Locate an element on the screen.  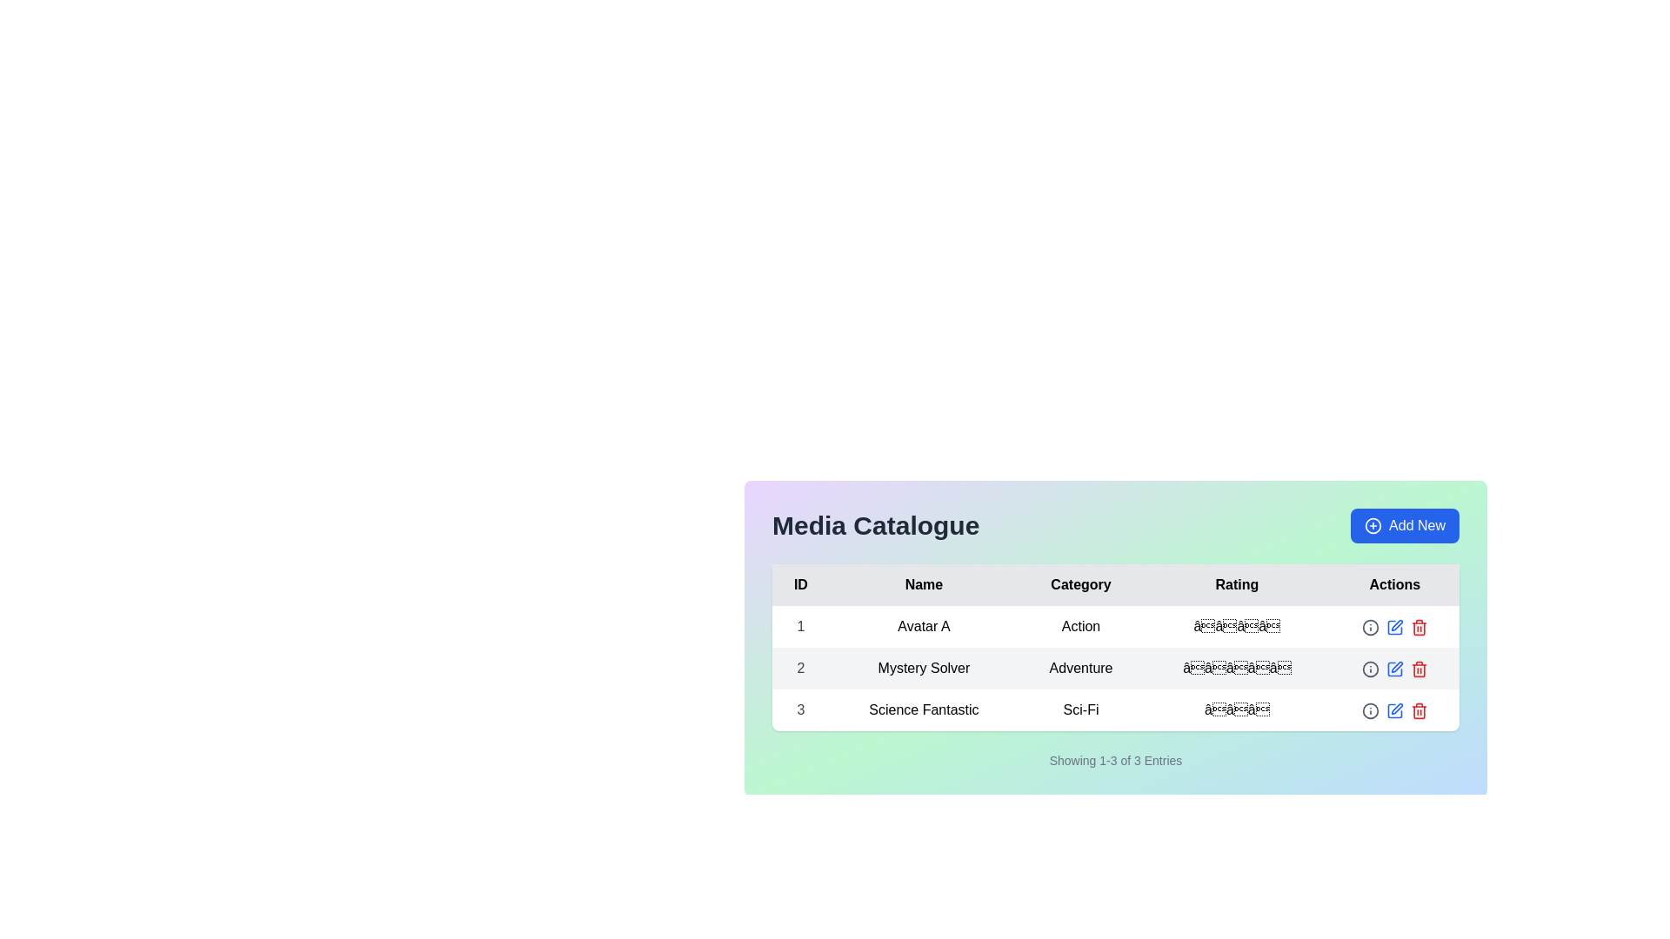
the SVG icon resembling a pen or edit tool located in the 'Actions' column of the table corresponding to the second row titled 'Mystery Solver' is located at coordinates (1397, 624).